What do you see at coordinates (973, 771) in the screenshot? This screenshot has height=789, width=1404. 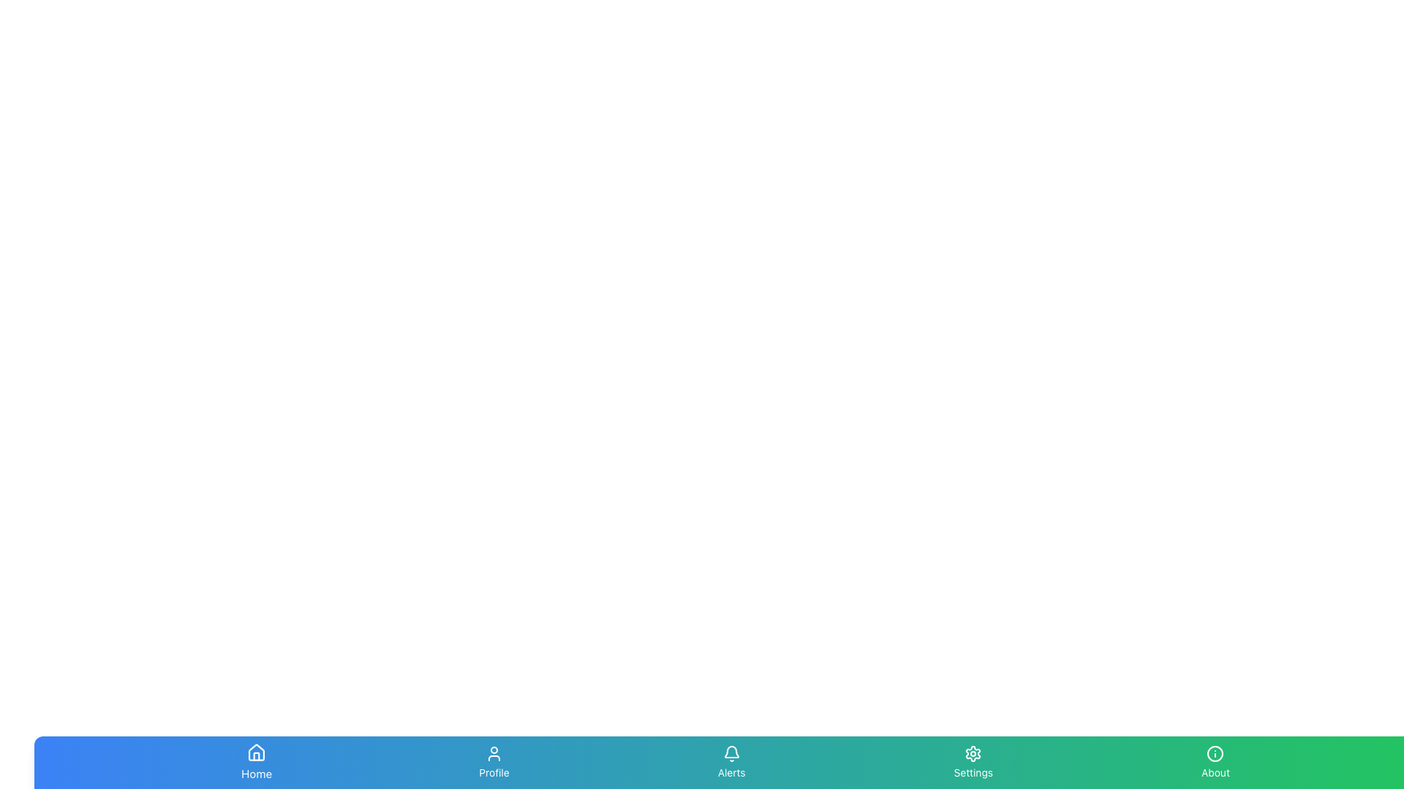 I see `the 'Settings' text label, which is styled in white against a green background and positioned in the bottom navigation bar, directly under the settings gear icon, to identify the associated navigation button` at bounding box center [973, 771].